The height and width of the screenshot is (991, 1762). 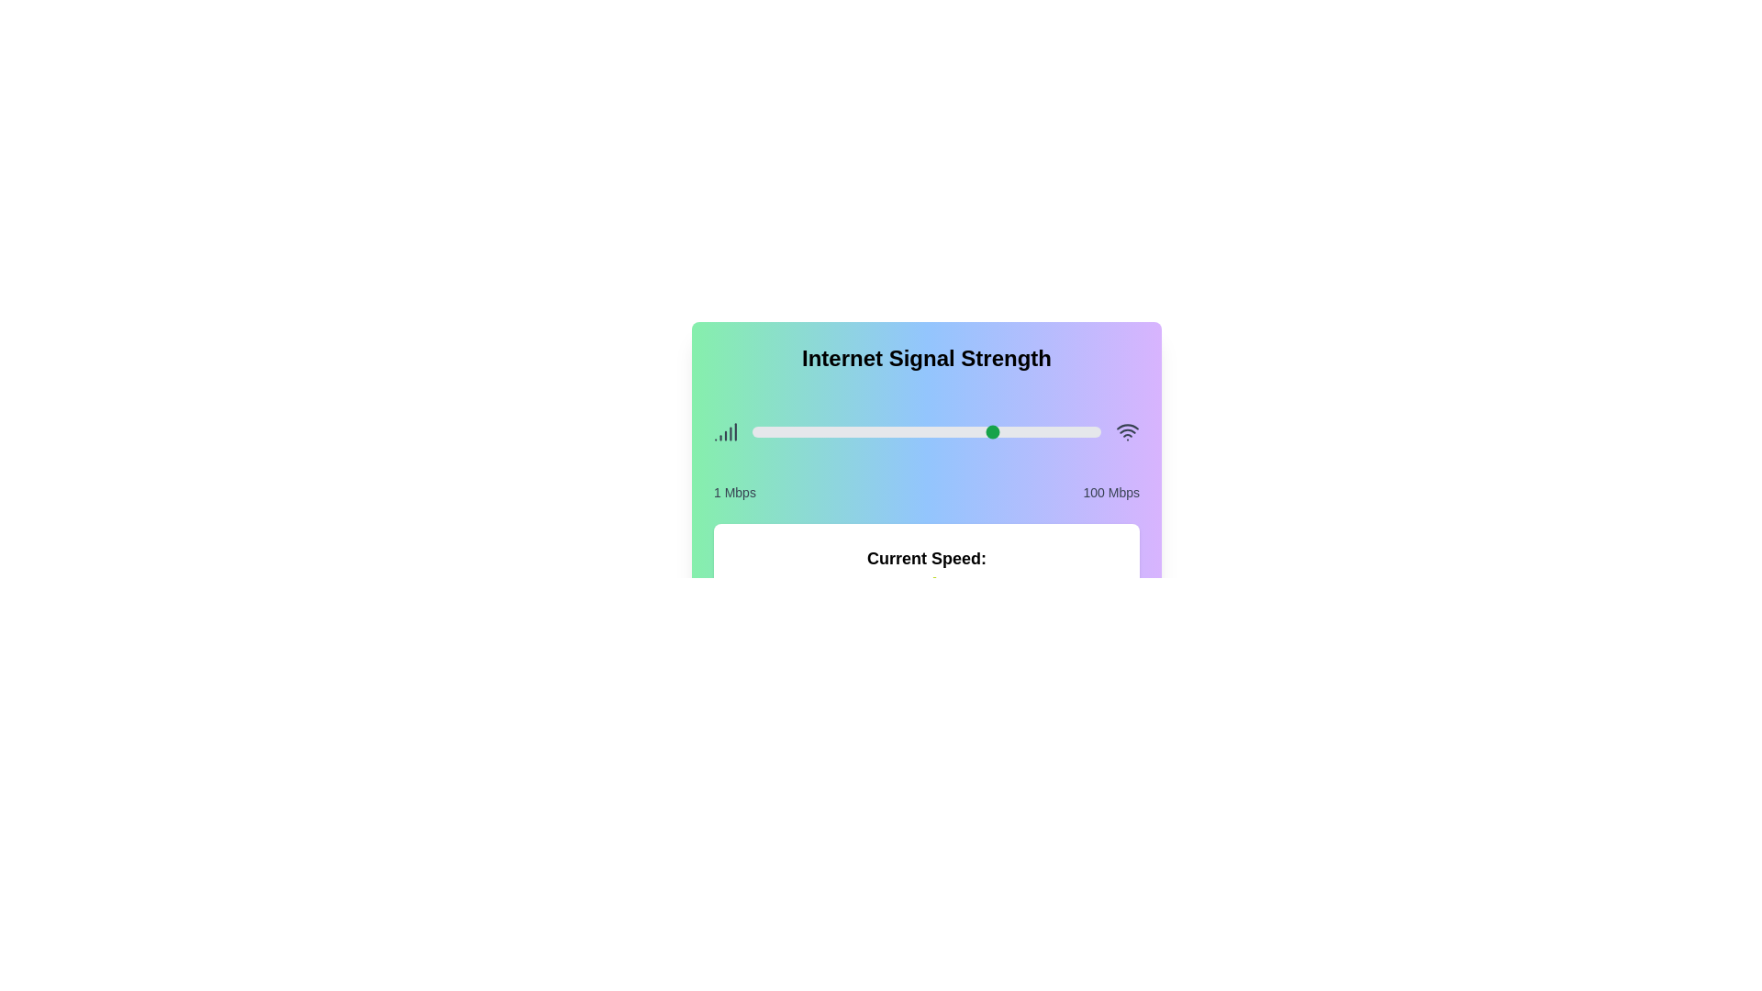 I want to click on the slider to set the signal strength to 13 Mbps, so click(x=795, y=431).